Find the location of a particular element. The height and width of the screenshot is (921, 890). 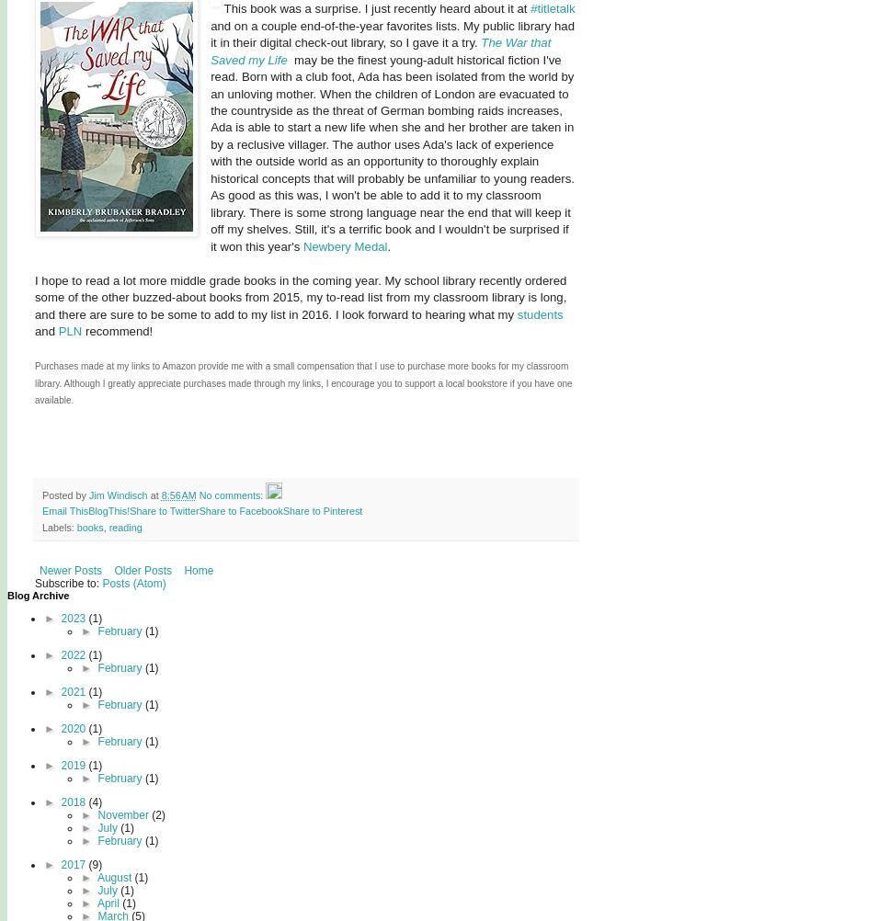

'2020' is located at coordinates (60, 726).